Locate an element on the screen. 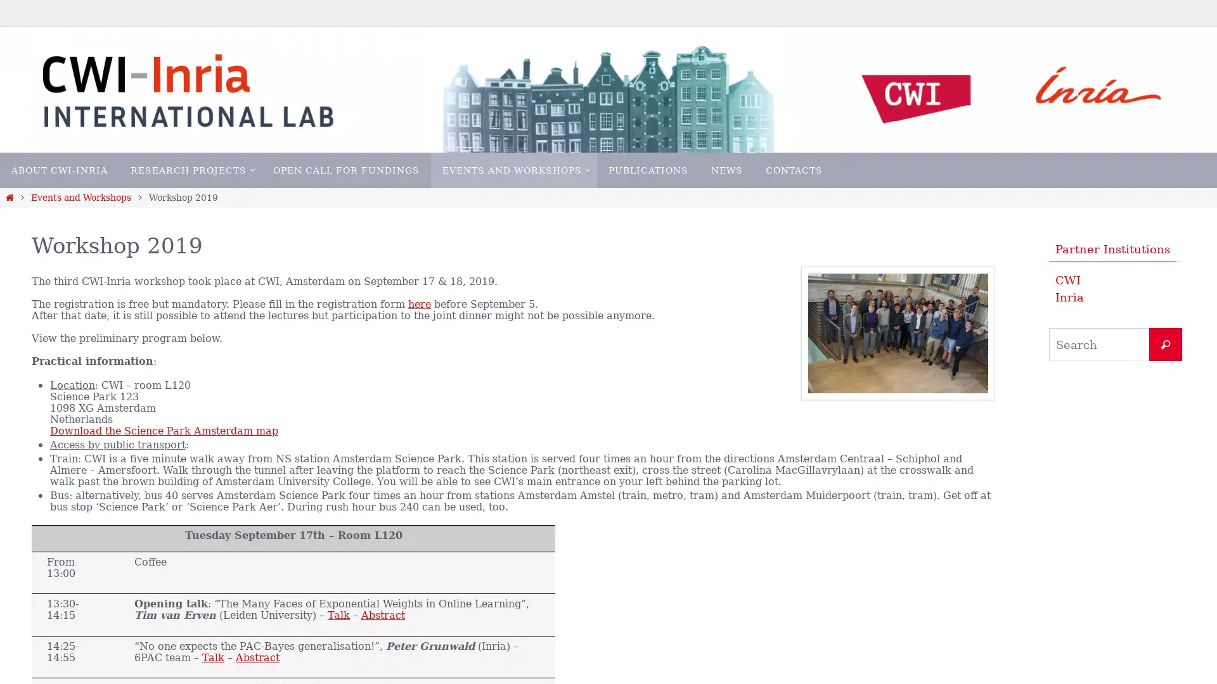  Search is located at coordinates (1165, 344).